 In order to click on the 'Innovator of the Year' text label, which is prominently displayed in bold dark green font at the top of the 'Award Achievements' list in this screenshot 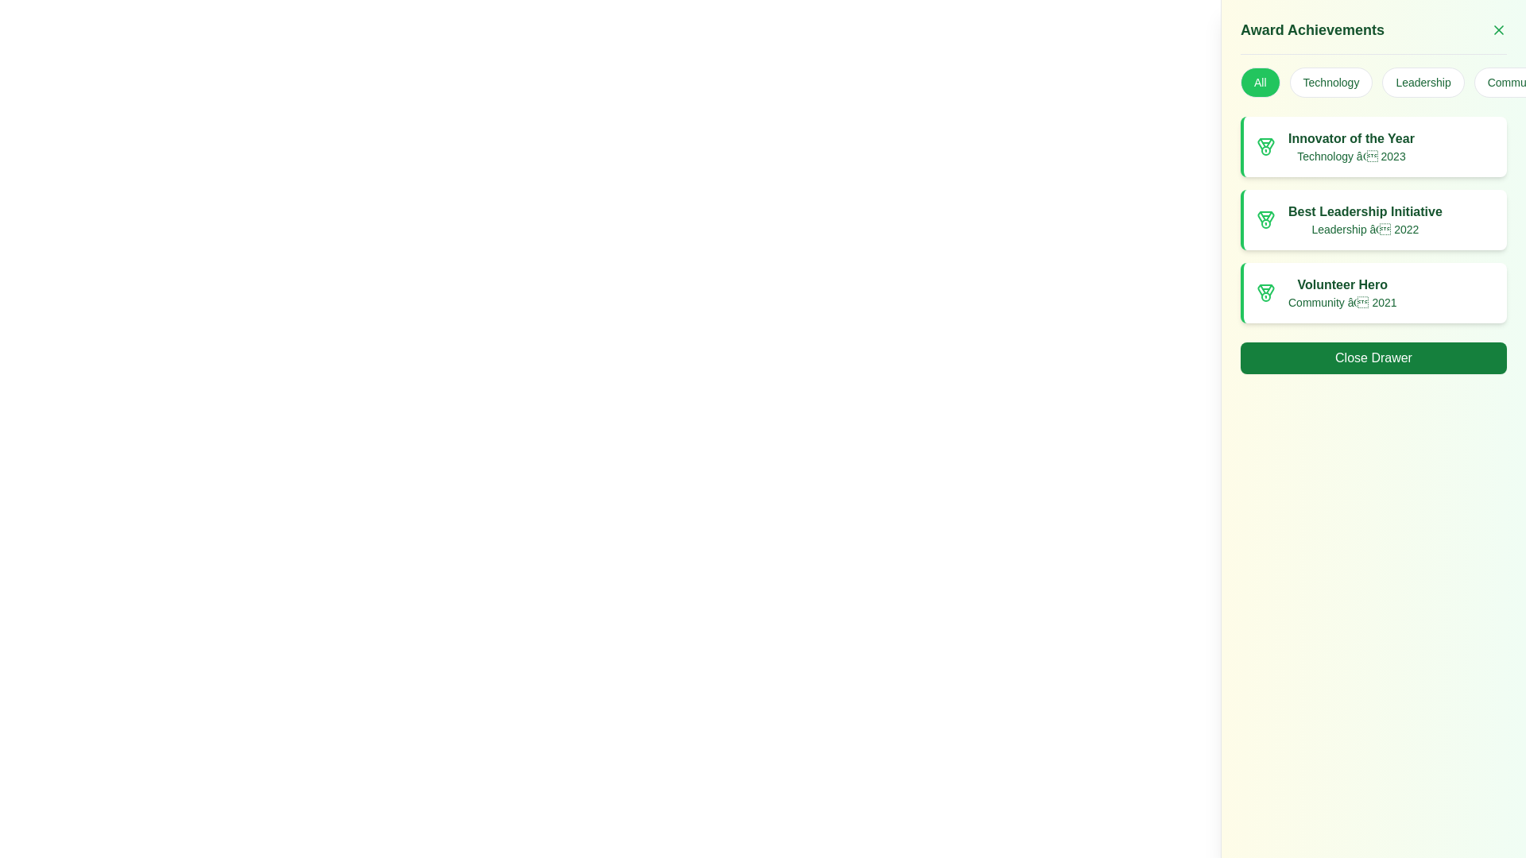, I will do `click(1350, 137)`.